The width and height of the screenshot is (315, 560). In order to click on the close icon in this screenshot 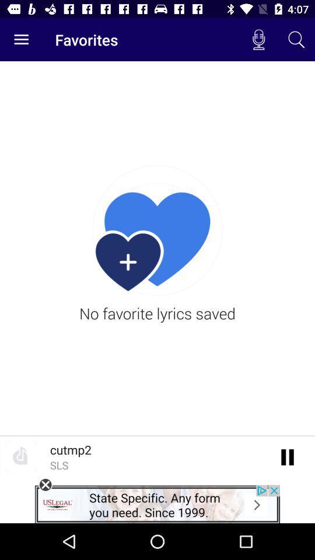, I will do `click(45, 485)`.